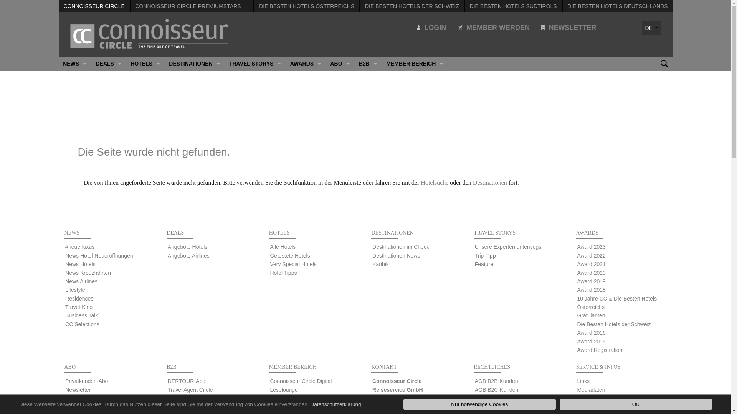  What do you see at coordinates (300, 381) in the screenshot?
I see `'Connoisseur Circle Digital'` at bounding box center [300, 381].